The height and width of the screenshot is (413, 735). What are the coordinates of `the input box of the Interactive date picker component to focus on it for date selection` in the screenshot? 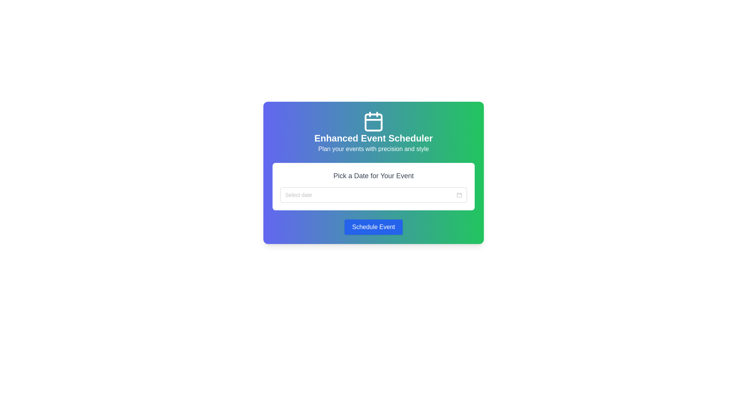 It's located at (373, 187).